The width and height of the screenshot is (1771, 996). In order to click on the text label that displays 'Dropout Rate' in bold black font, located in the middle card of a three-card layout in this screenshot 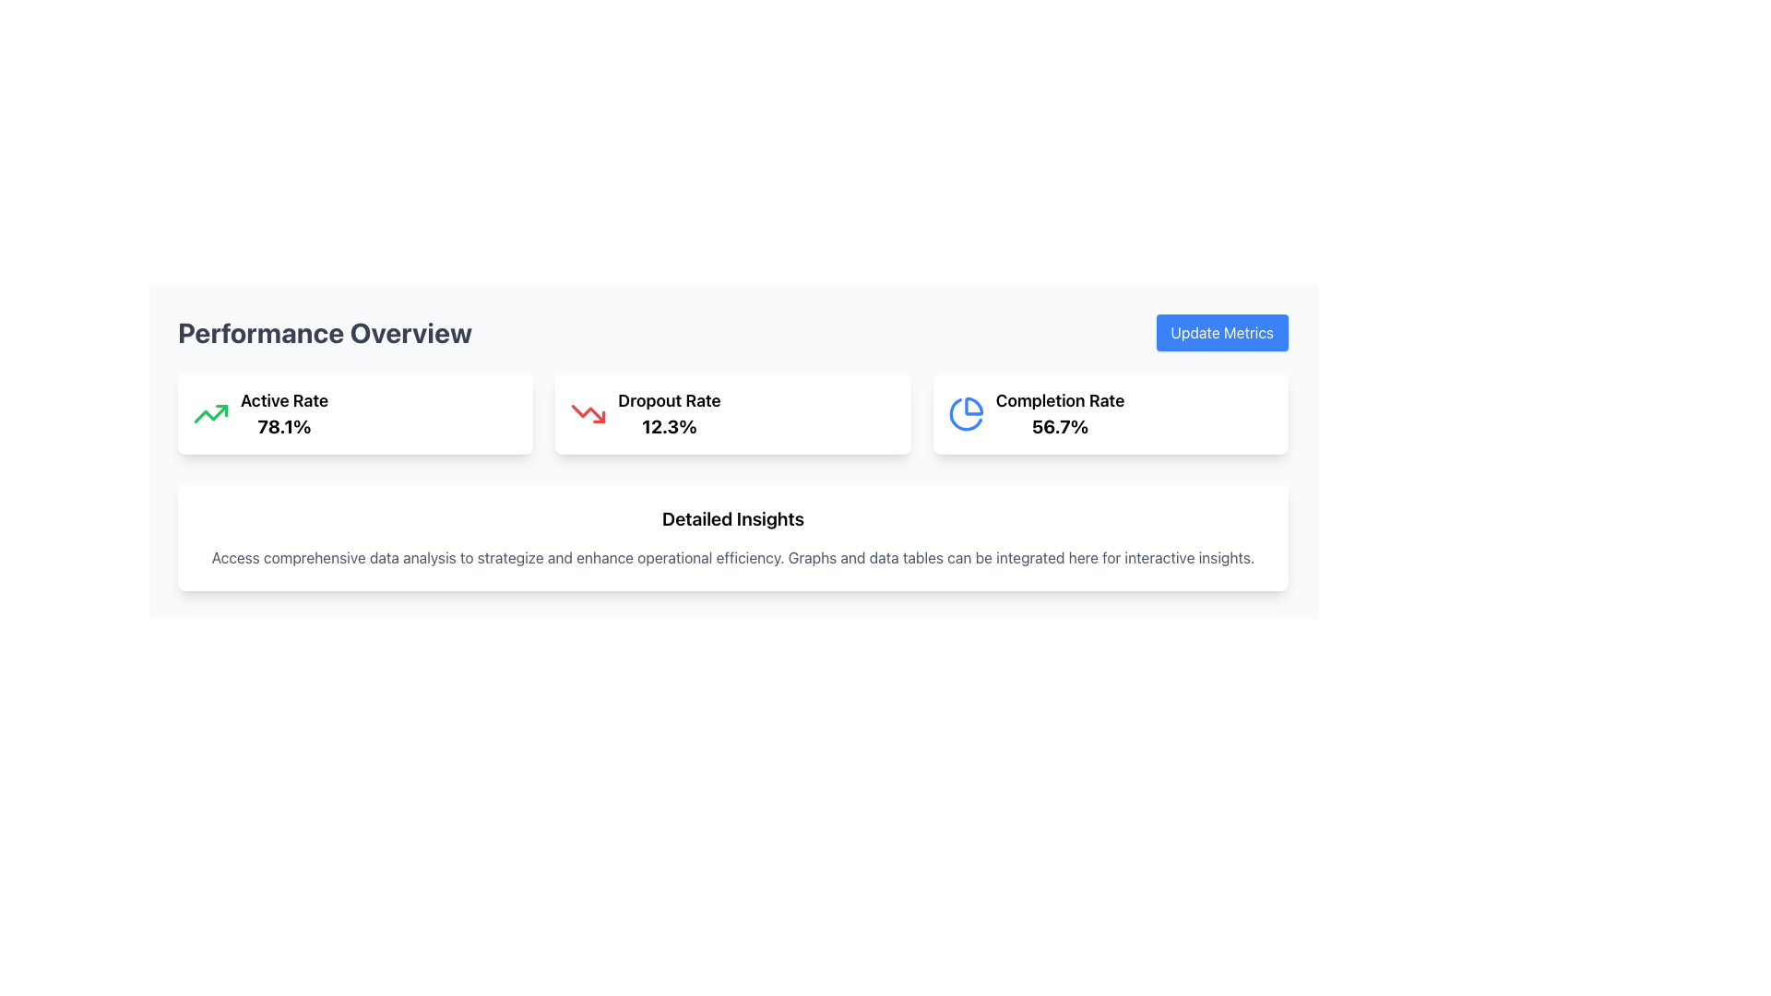, I will do `click(668, 400)`.